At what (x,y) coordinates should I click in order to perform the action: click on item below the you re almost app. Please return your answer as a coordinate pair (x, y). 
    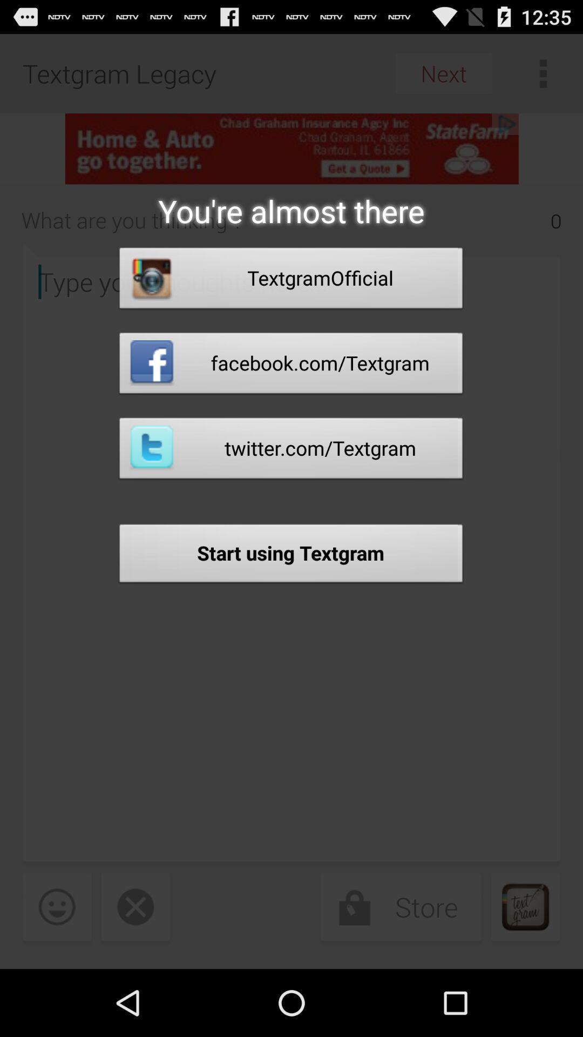
    Looking at the image, I should click on (290, 281).